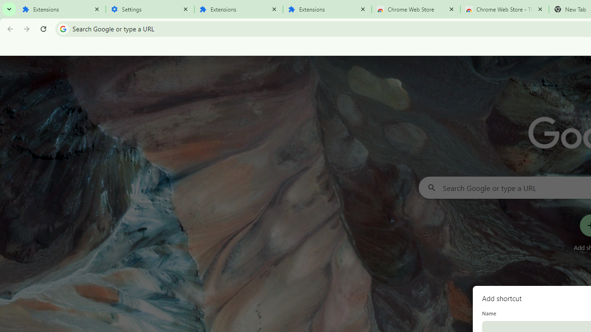 The height and width of the screenshot is (332, 591). Describe the element at coordinates (61, 9) in the screenshot. I see `'Extensions'` at that location.